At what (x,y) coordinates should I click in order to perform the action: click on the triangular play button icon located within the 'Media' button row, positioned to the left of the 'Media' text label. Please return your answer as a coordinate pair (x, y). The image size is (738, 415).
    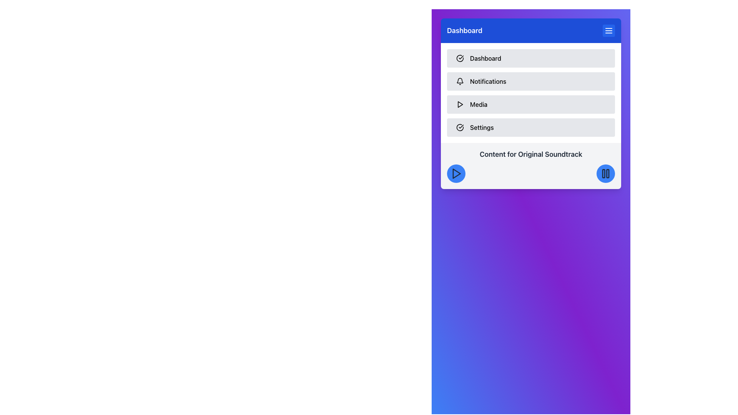
    Looking at the image, I should click on (460, 105).